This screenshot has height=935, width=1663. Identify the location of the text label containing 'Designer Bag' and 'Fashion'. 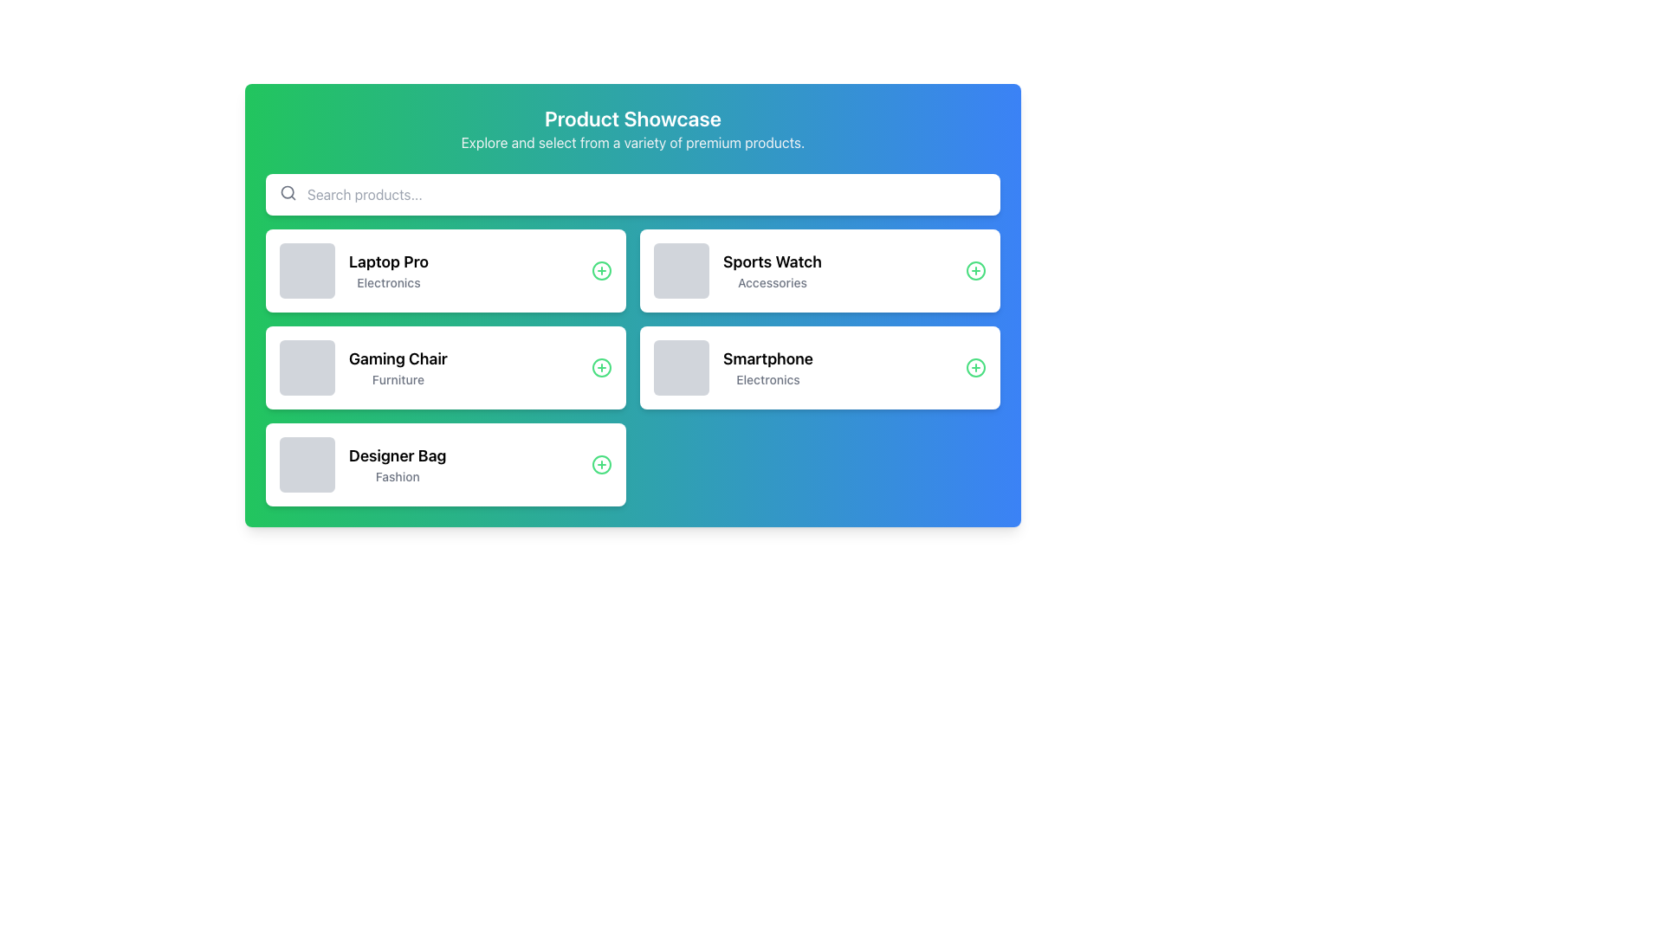
(362, 463).